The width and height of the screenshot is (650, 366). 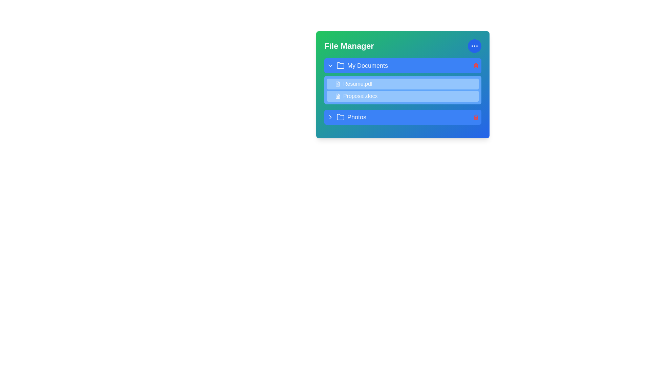 I want to click on the 'Photos' folder item in the file manager, so click(x=346, y=117).